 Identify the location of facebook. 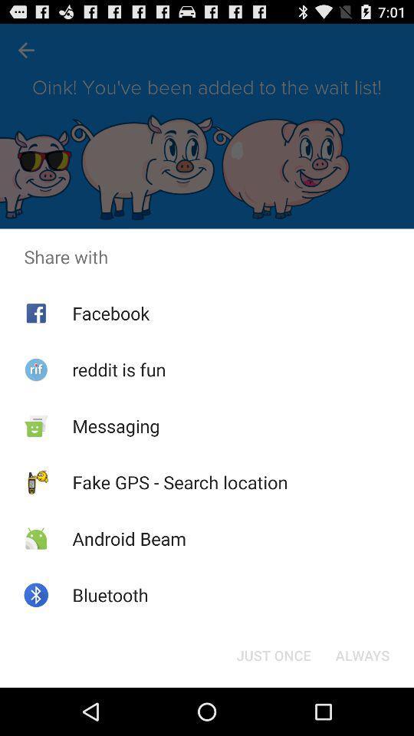
(110, 312).